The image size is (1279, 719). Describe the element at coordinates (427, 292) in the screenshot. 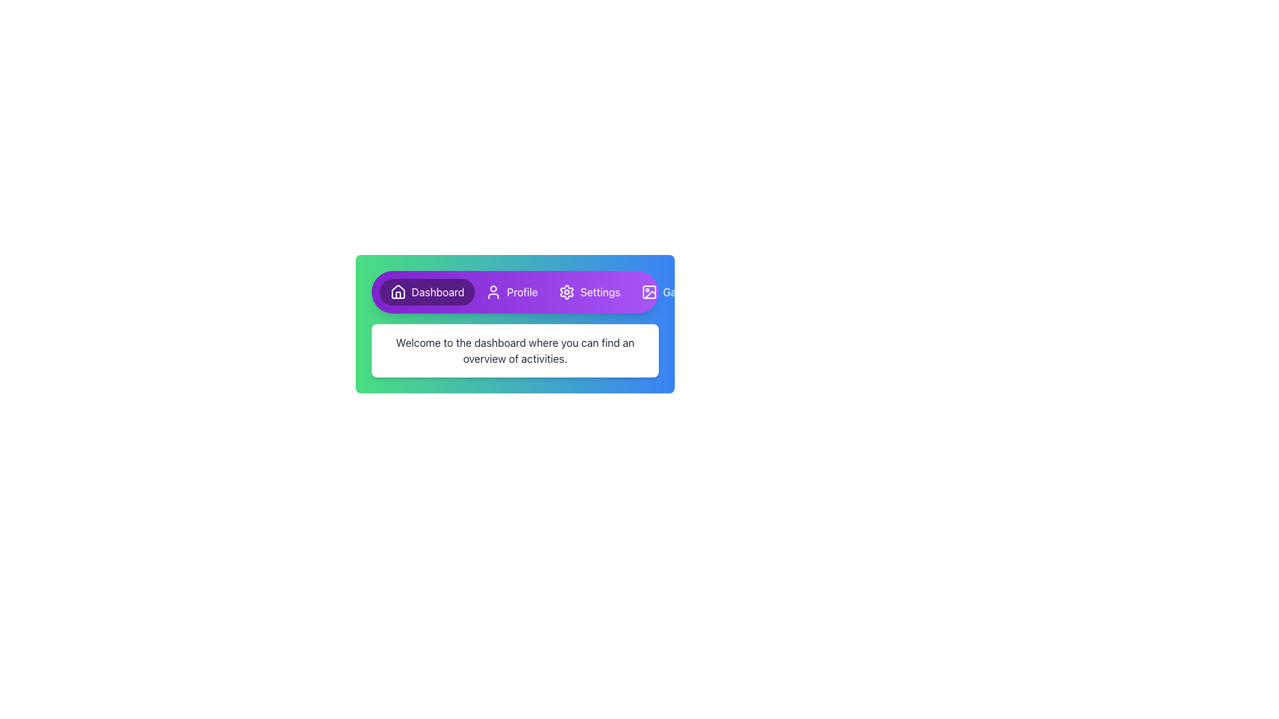

I see `the 'Dashboard' button, which is a rounded rectangular button with a purple background and white text` at that location.